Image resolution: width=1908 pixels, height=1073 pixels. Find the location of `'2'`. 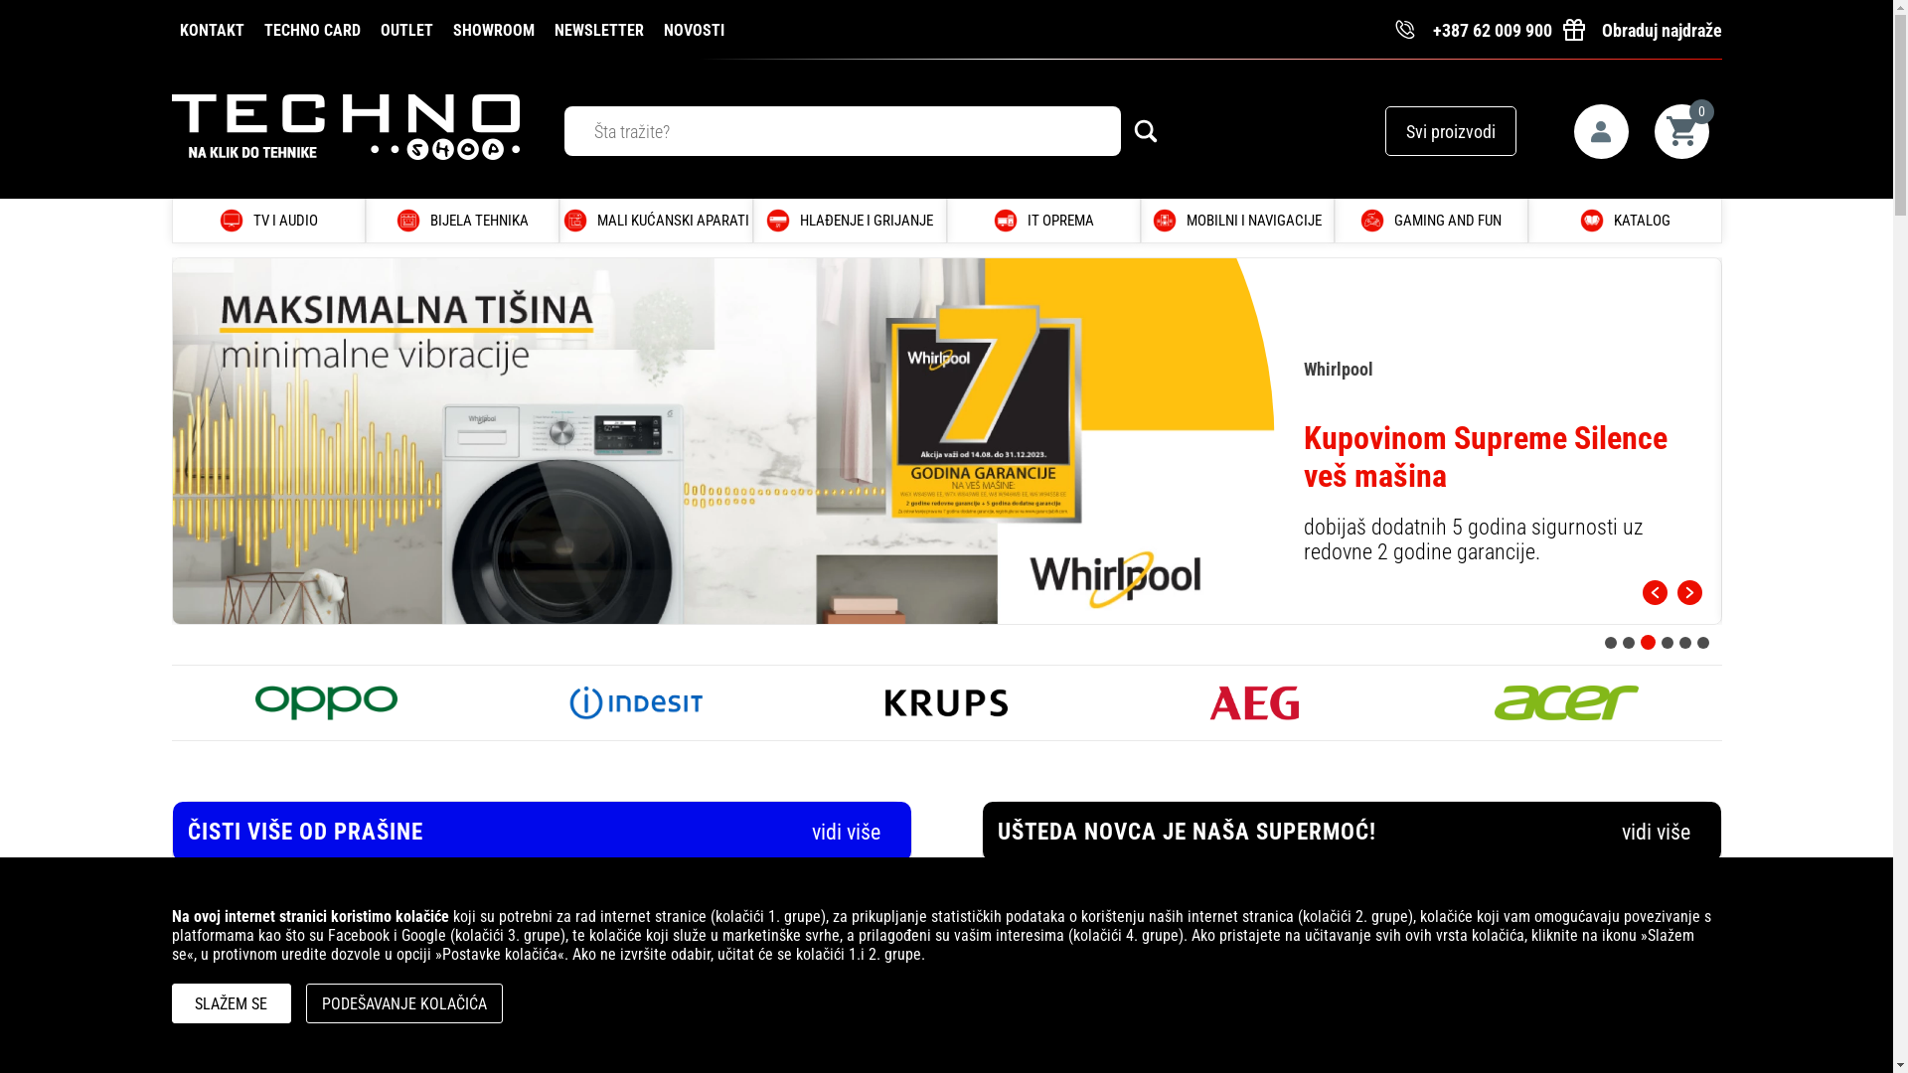

'2' is located at coordinates (1629, 642).